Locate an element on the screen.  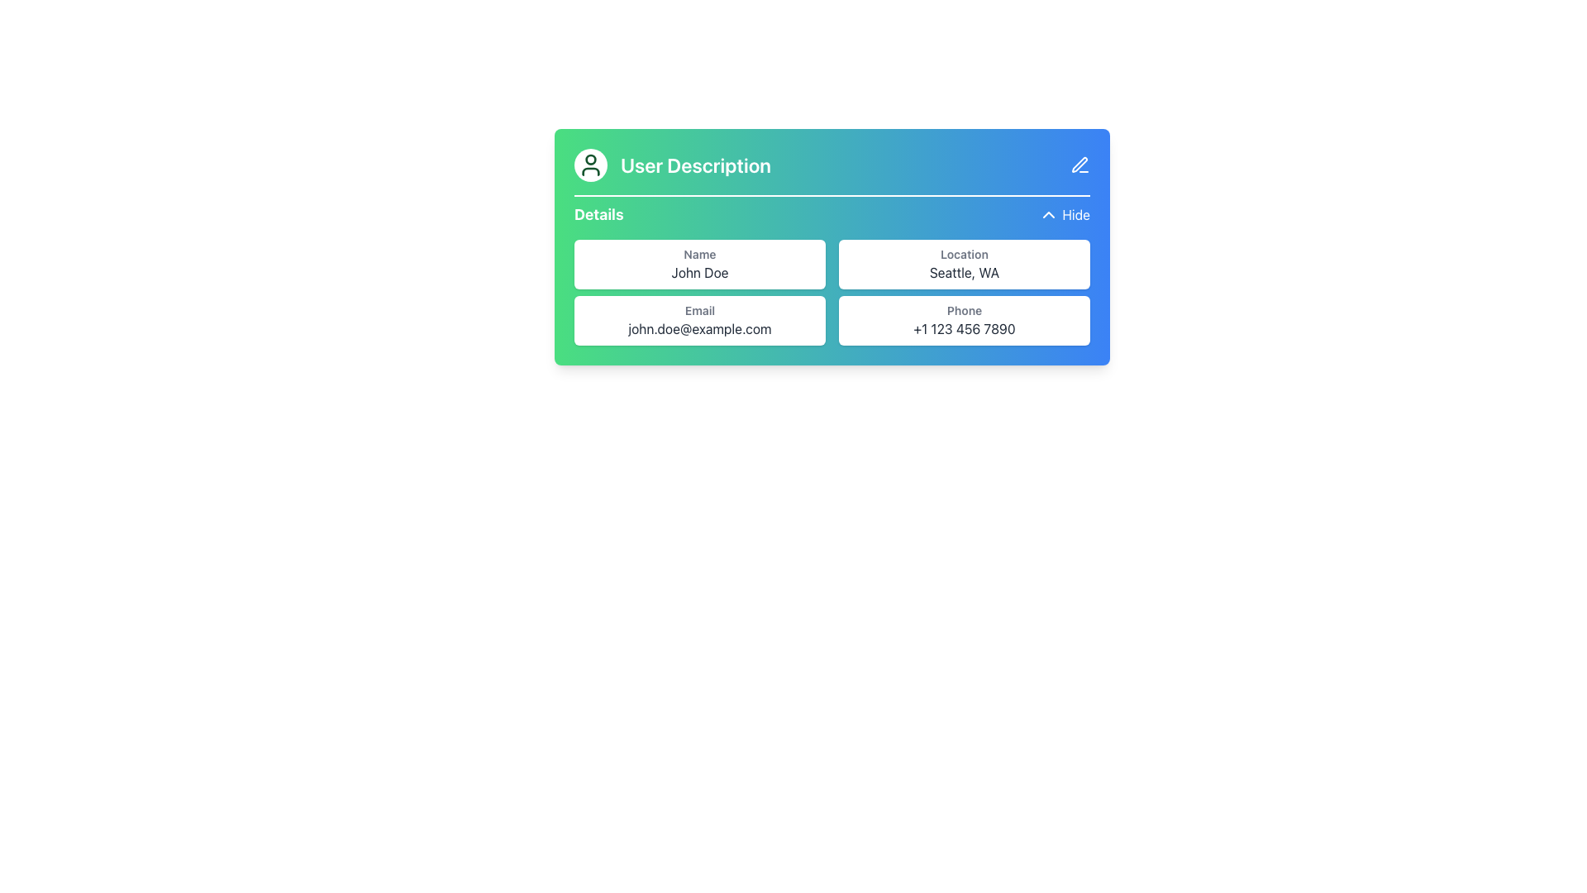
the 'User Description' text label, which is displayed in a large and bold font with a white color on a gradient background of green to blue, located in the top left portion of the interface is located at coordinates (696, 165).